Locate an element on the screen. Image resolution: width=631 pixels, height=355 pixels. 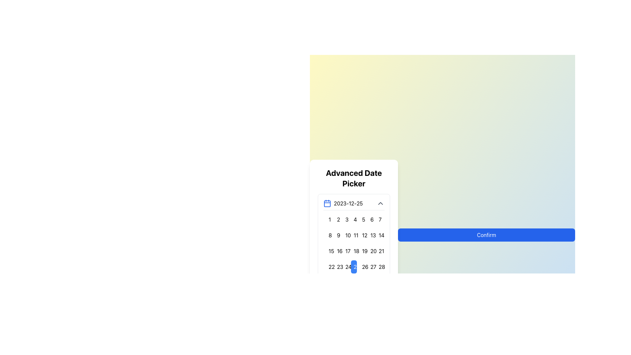
the button is located at coordinates (353, 219).